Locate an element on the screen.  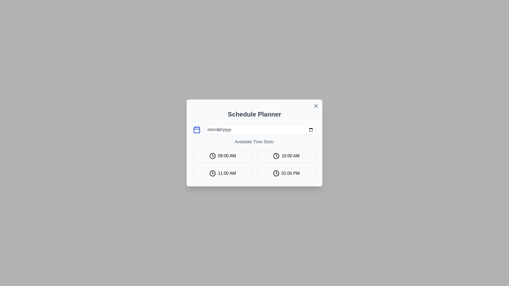
the bold, large text label reading 'Schedule Planner' that is centered at the top of the modal or card is located at coordinates (254, 114).